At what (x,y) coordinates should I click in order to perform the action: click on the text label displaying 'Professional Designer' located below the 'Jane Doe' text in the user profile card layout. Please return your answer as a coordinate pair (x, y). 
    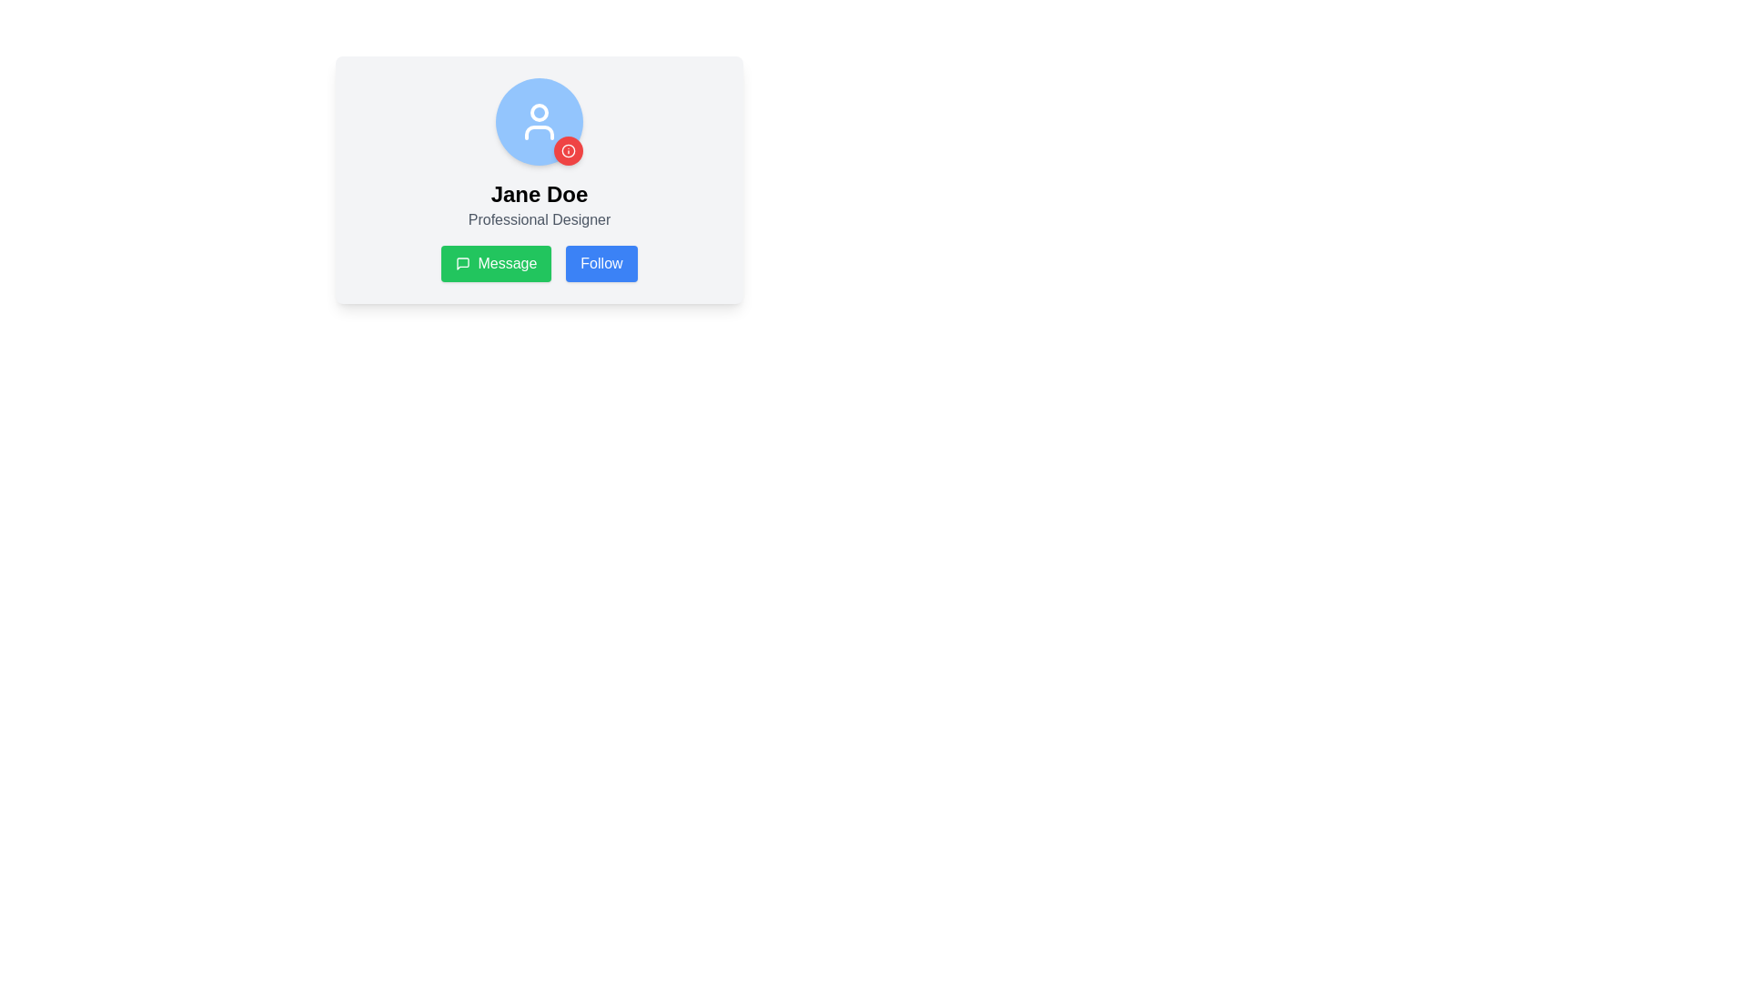
    Looking at the image, I should click on (539, 219).